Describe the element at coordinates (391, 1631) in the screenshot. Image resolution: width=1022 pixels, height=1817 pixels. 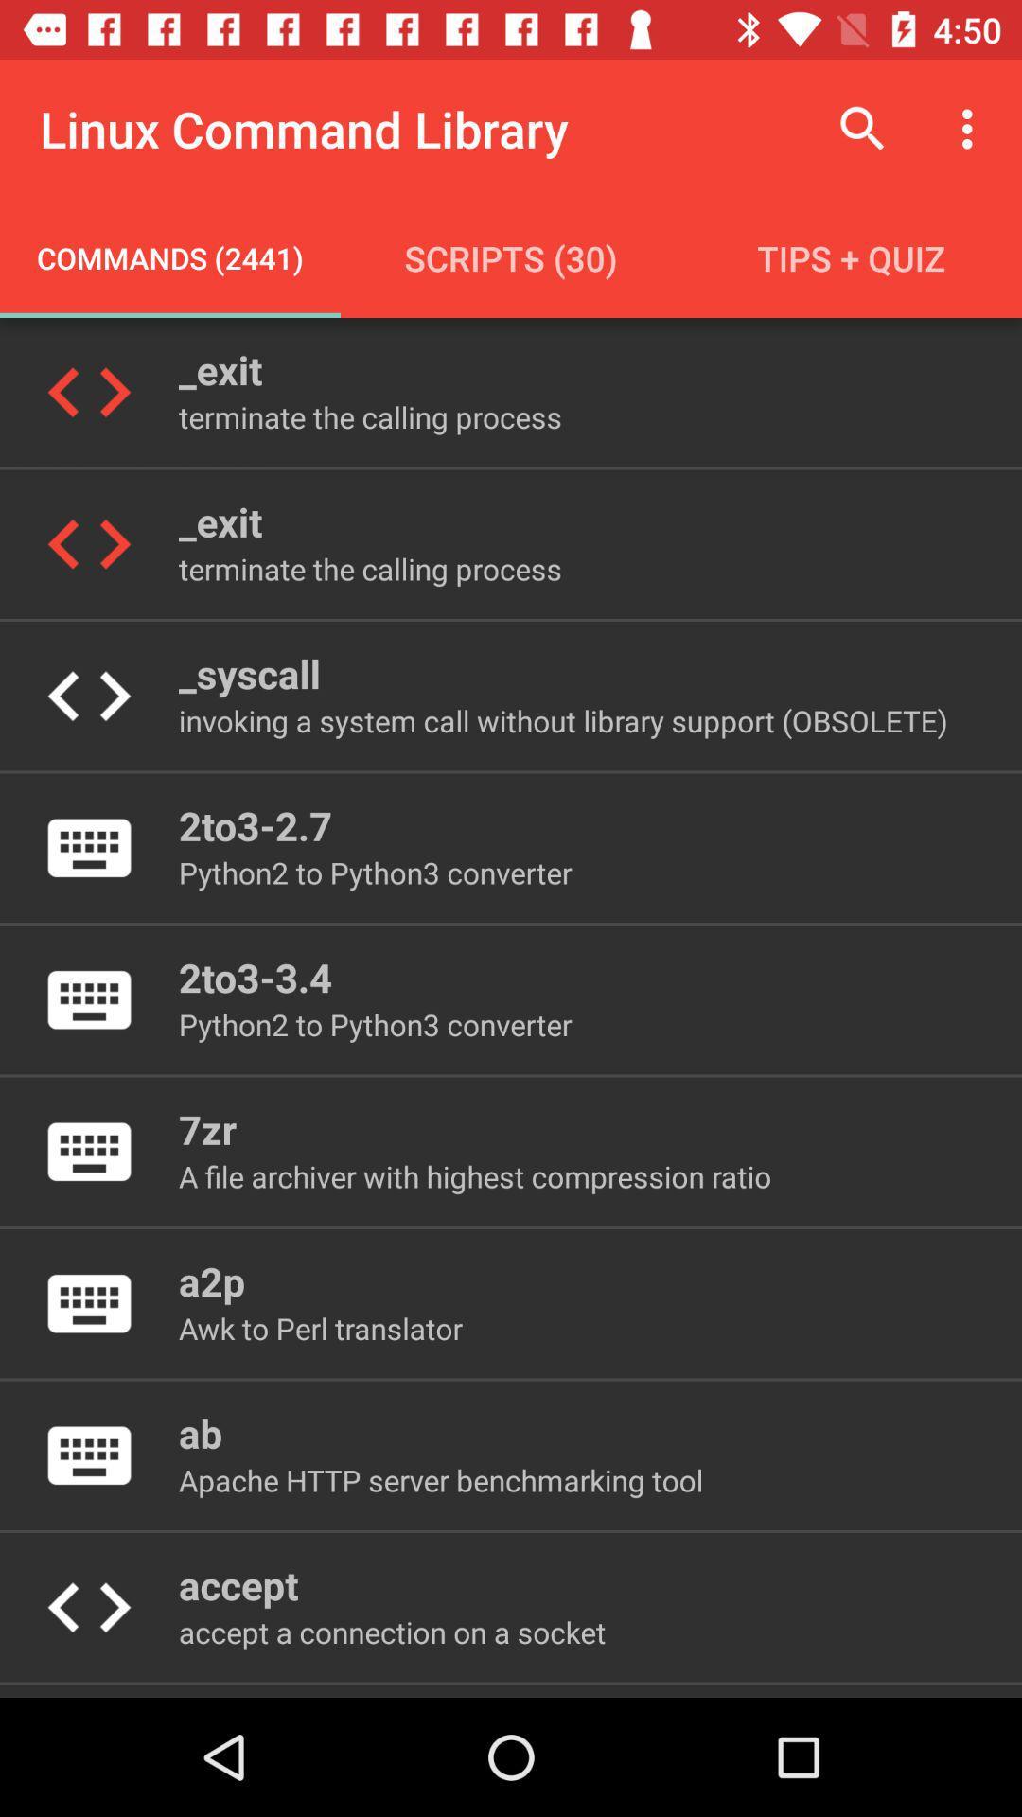
I see `item below the accept` at that location.